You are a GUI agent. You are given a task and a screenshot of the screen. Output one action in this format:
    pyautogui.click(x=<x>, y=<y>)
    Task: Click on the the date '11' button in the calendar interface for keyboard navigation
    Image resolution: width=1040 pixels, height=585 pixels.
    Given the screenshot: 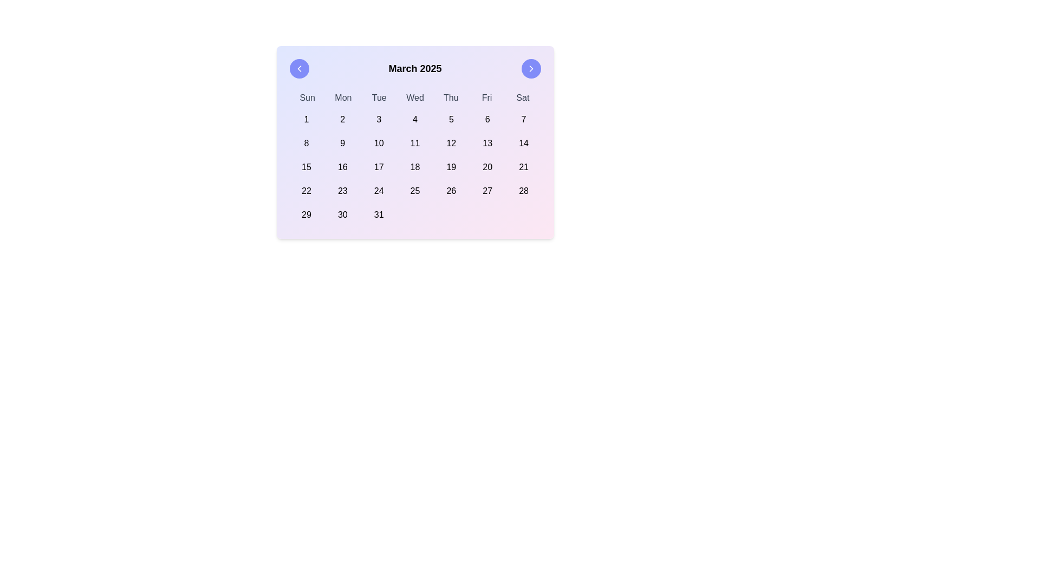 What is the action you would take?
    pyautogui.click(x=414, y=143)
    